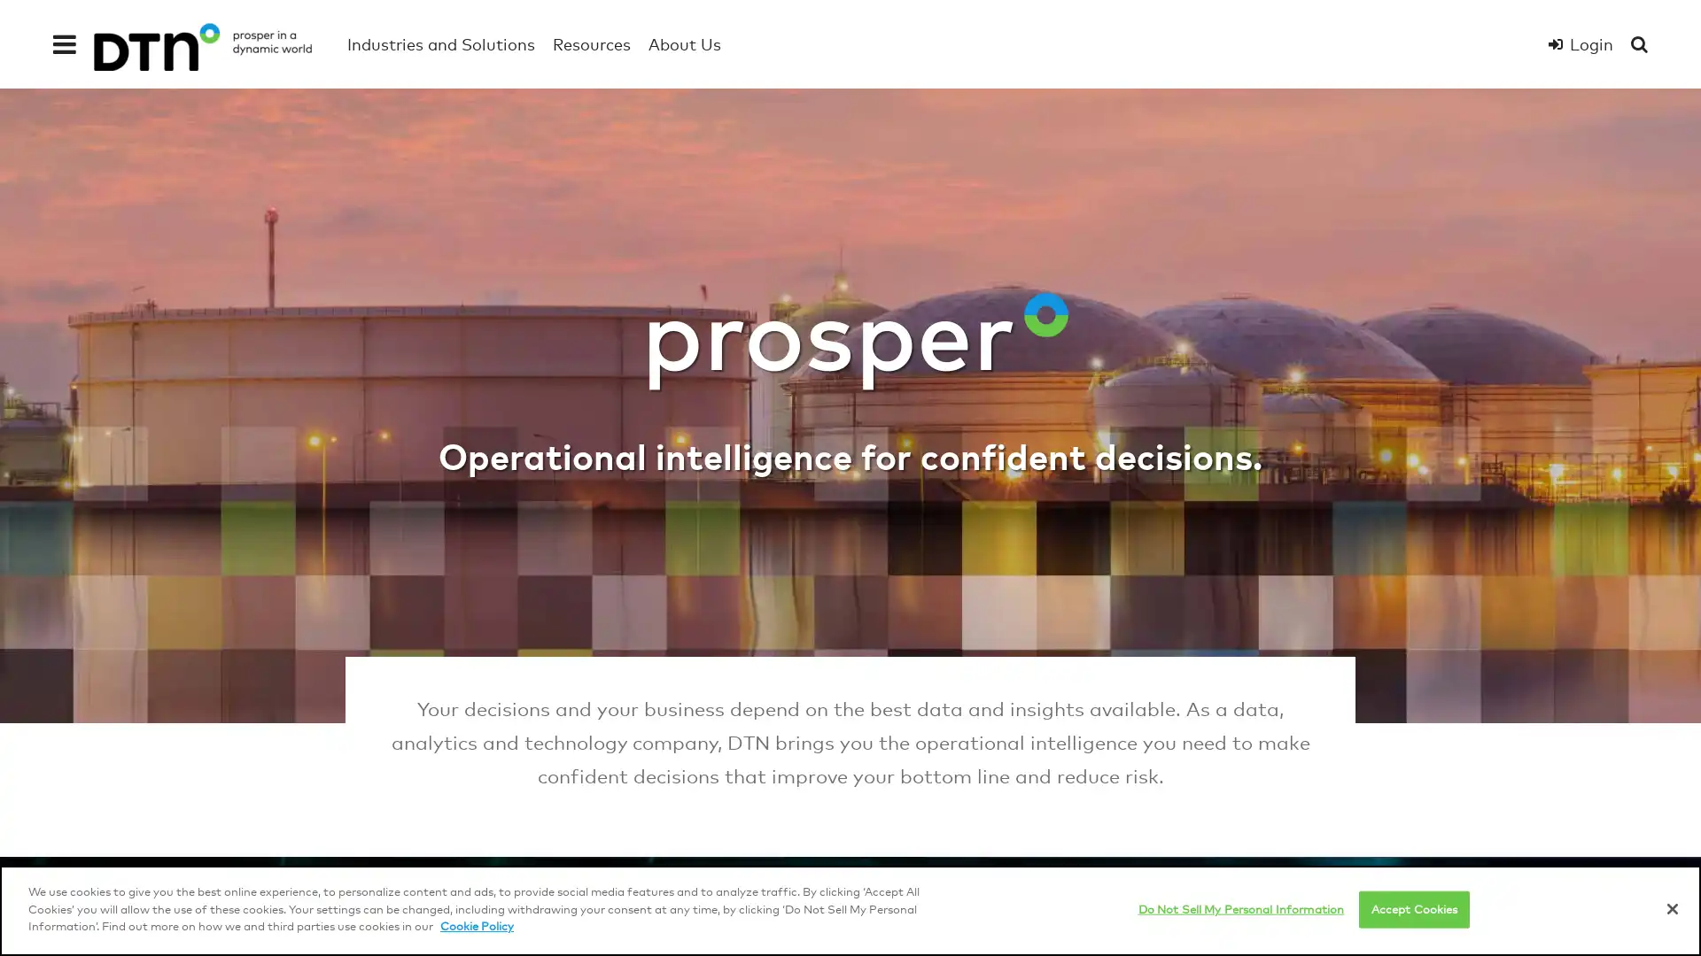  I want to click on Do Not Sell My Personal Information, so click(1239, 908).